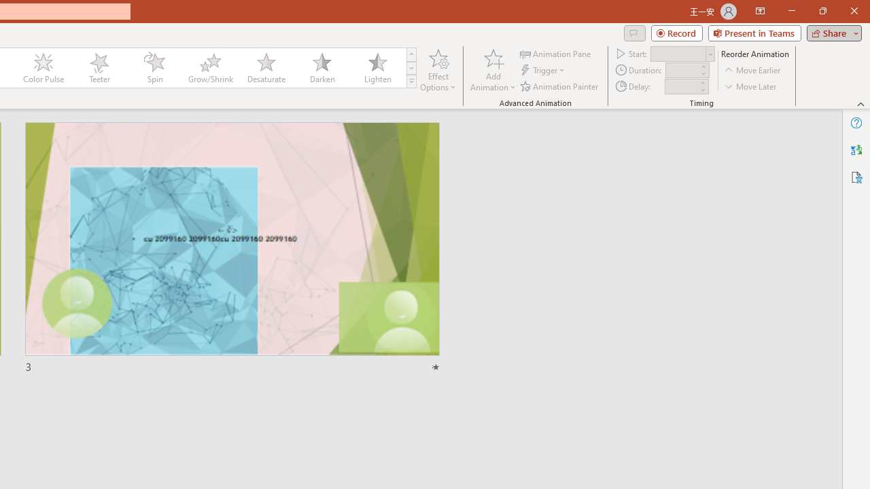  I want to click on 'Teeter', so click(98, 68).